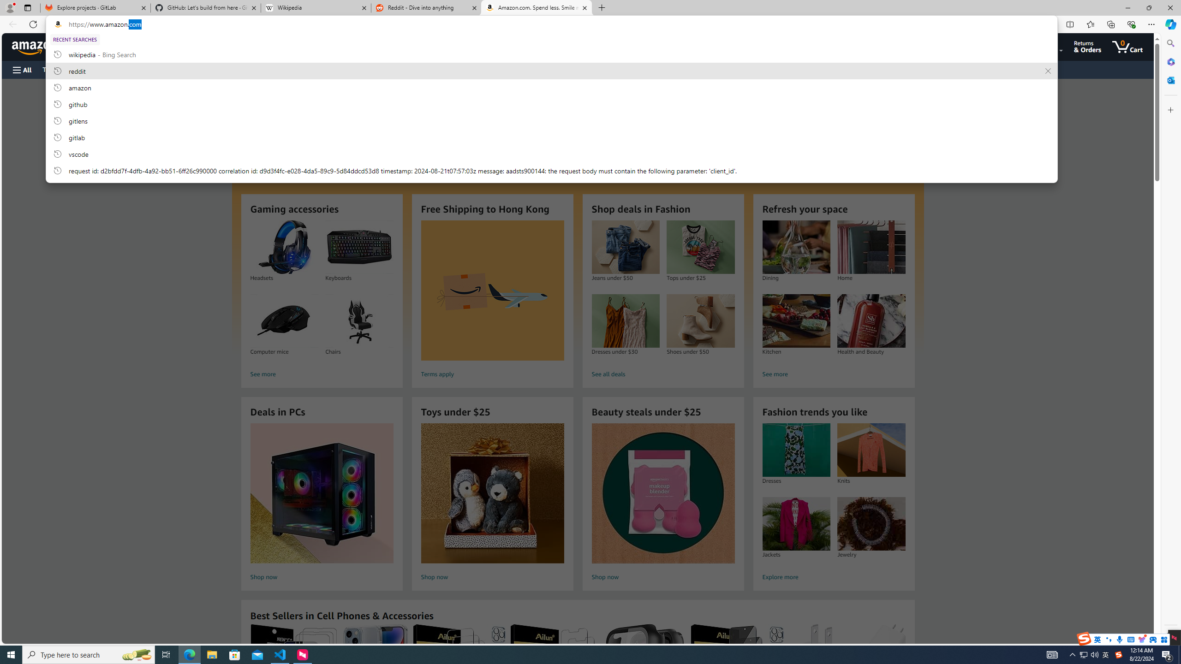 The image size is (1181, 664). Describe the element at coordinates (796, 321) in the screenshot. I see `'Kitchen'` at that location.